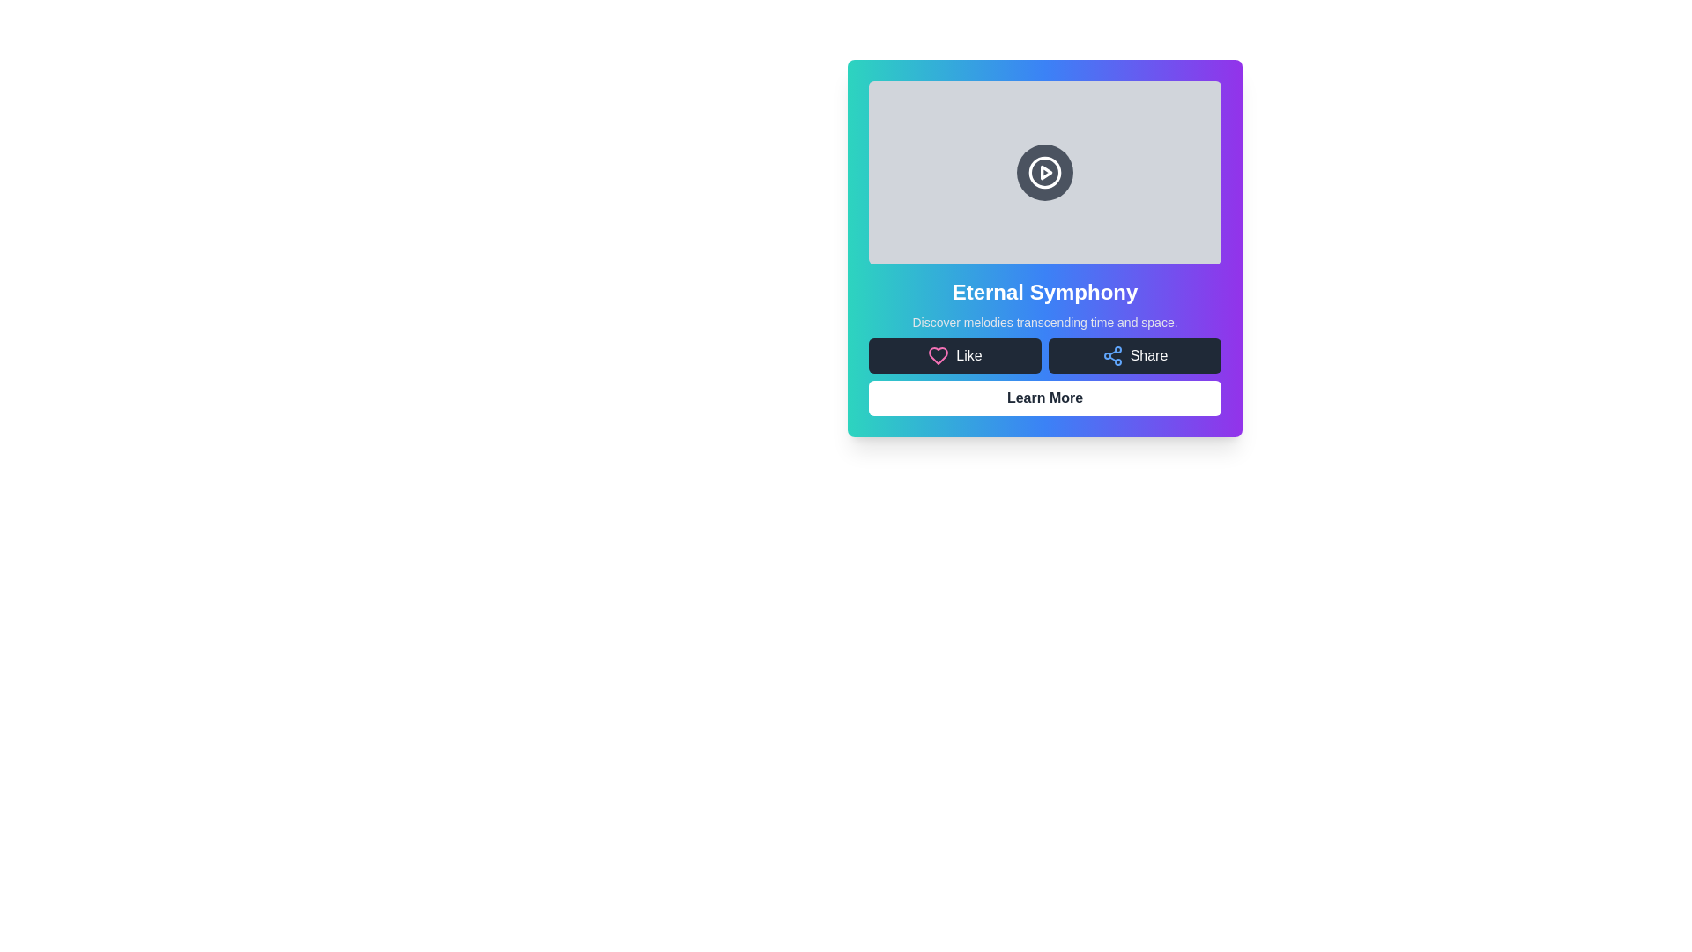 The width and height of the screenshot is (1692, 952). What do you see at coordinates (1044, 173) in the screenshot?
I see `the play button located in the upper gray area of the card layout` at bounding box center [1044, 173].